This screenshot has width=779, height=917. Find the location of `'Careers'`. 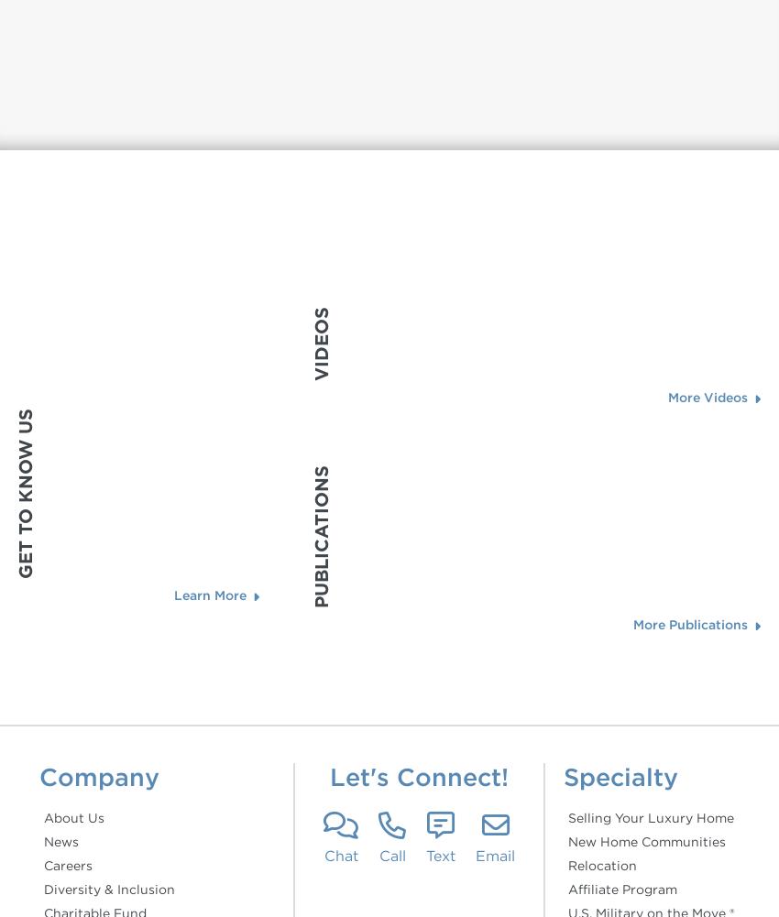

'Careers' is located at coordinates (68, 864).